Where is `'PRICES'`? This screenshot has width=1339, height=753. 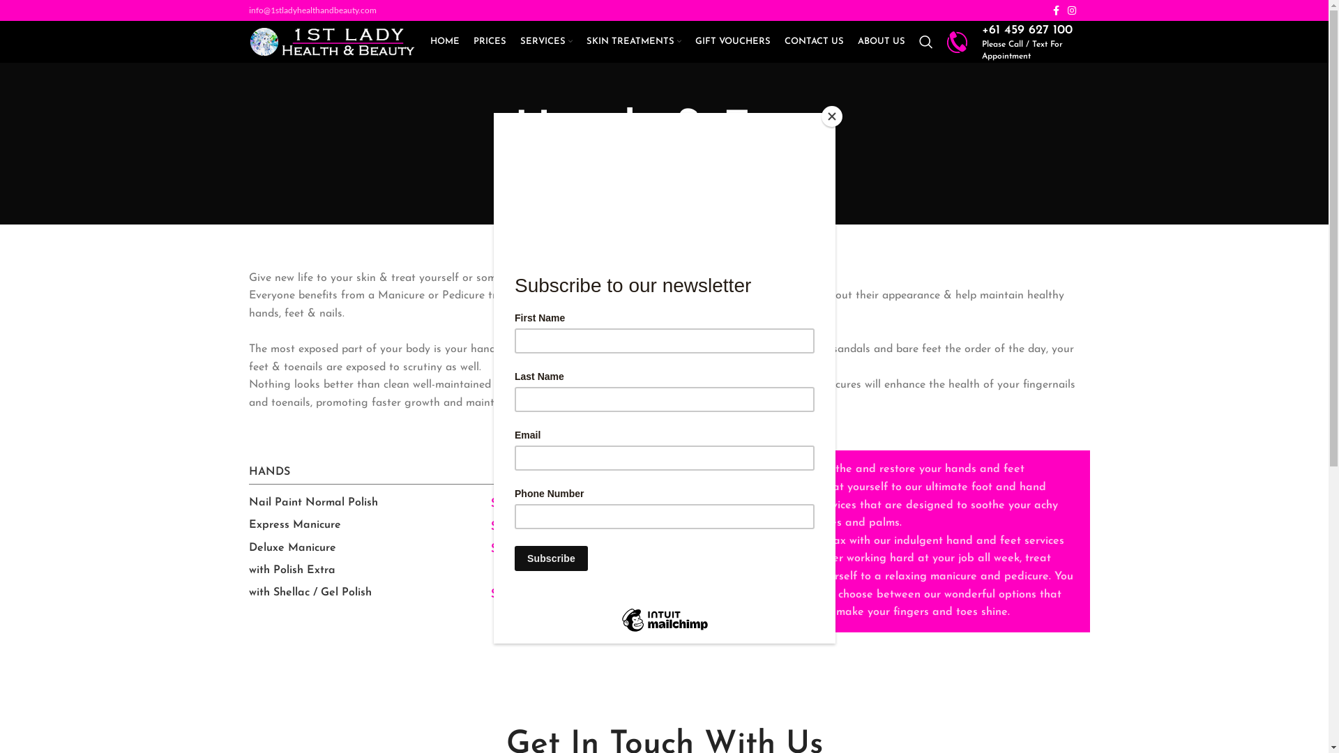
'PRICES' is located at coordinates (489, 41).